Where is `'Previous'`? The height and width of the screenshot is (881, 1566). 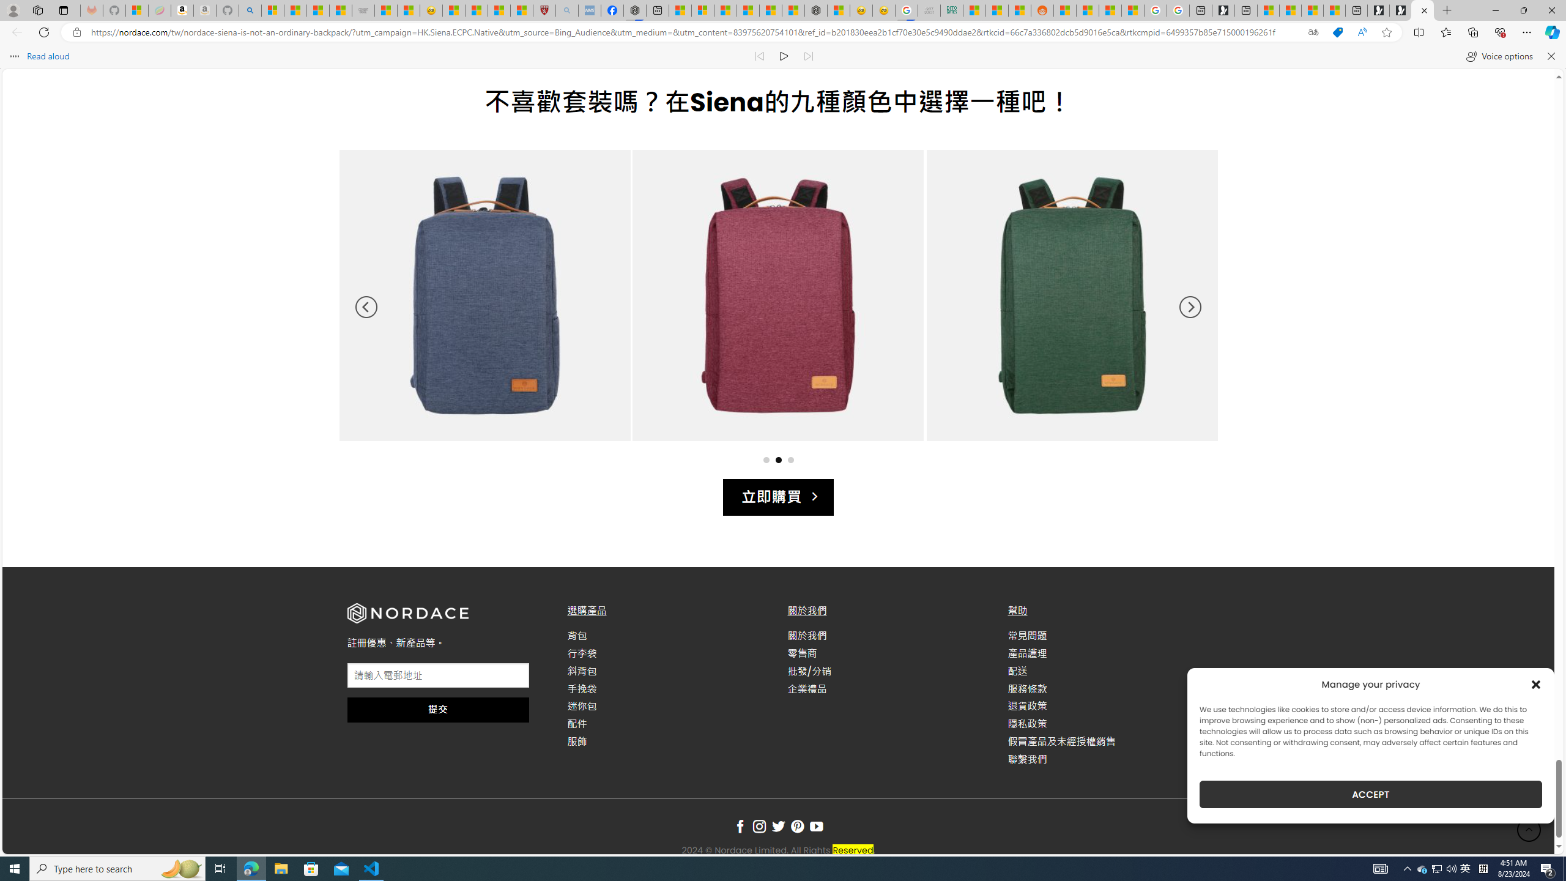
'Previous' is located at coordinates (366, 307).